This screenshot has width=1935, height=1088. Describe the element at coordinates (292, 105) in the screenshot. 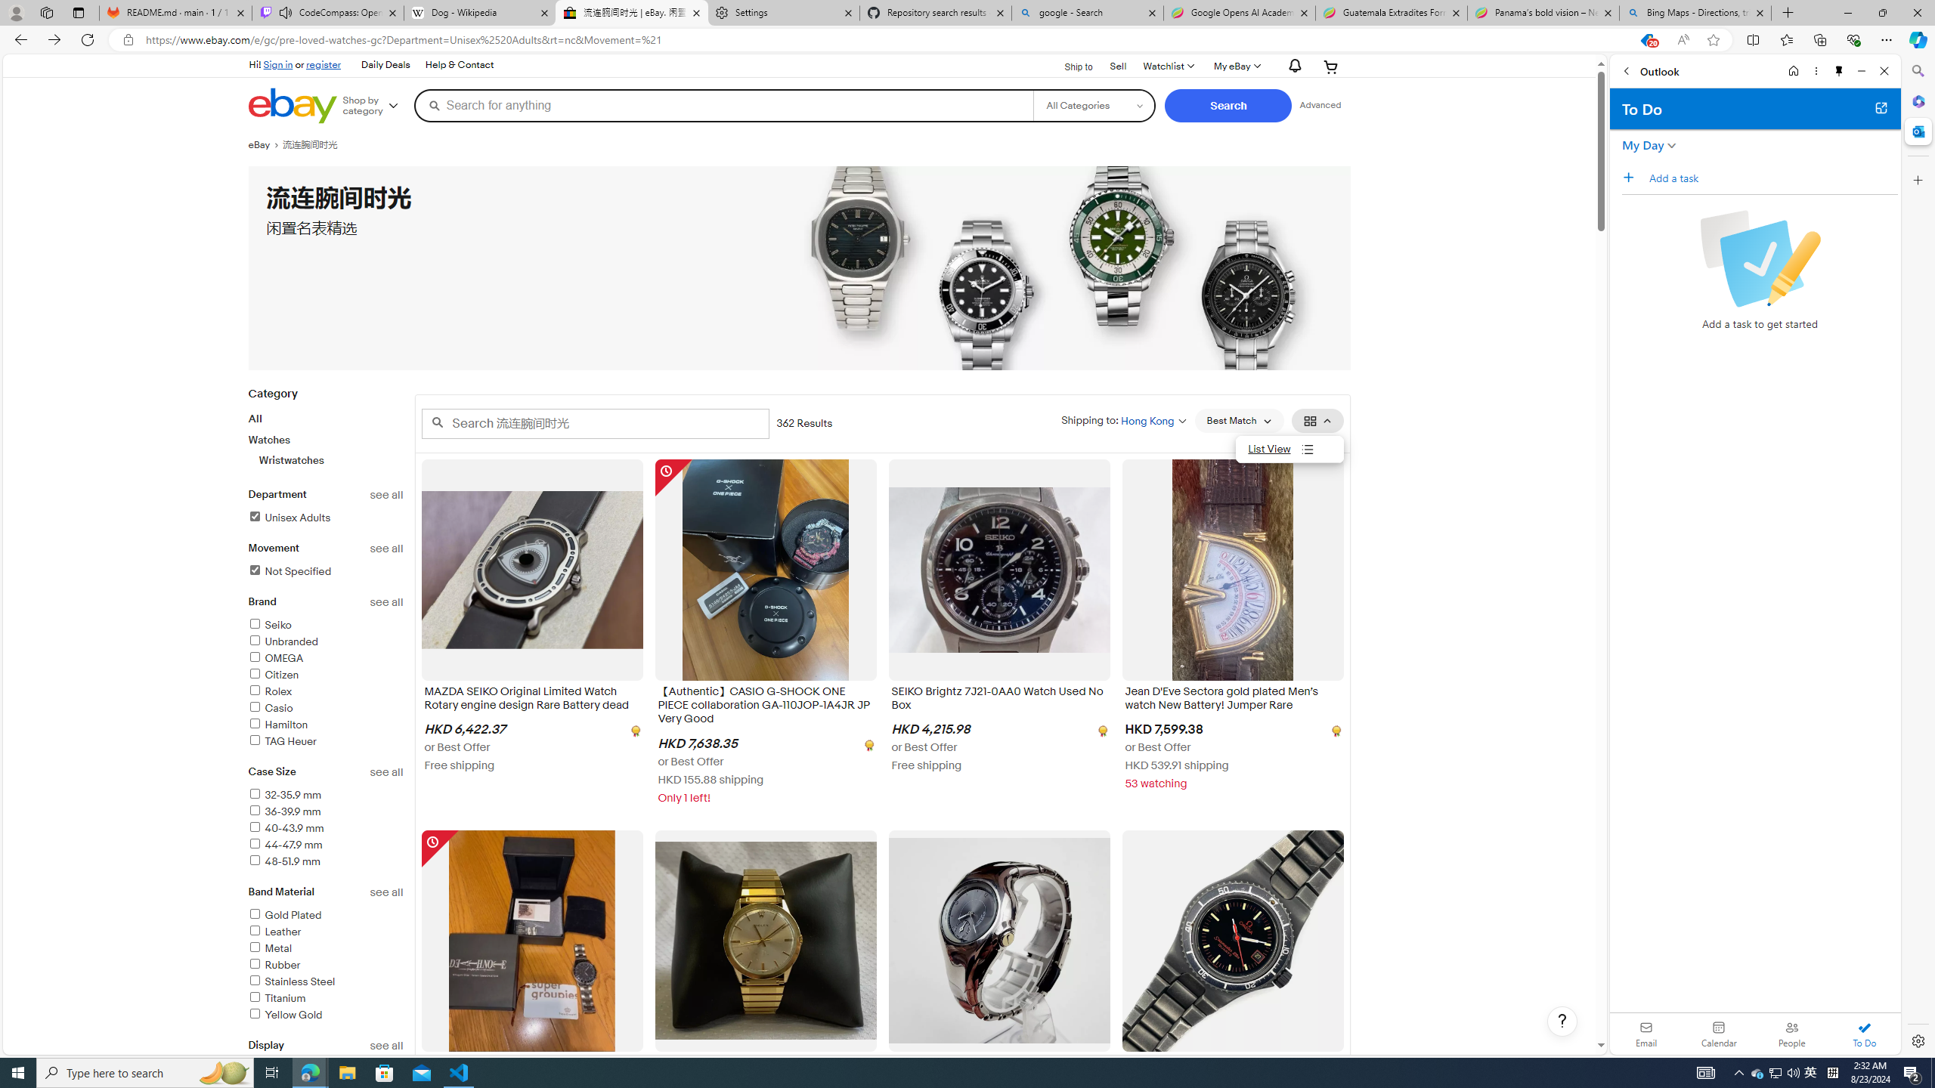

I see `'eBay Home'` at that location.